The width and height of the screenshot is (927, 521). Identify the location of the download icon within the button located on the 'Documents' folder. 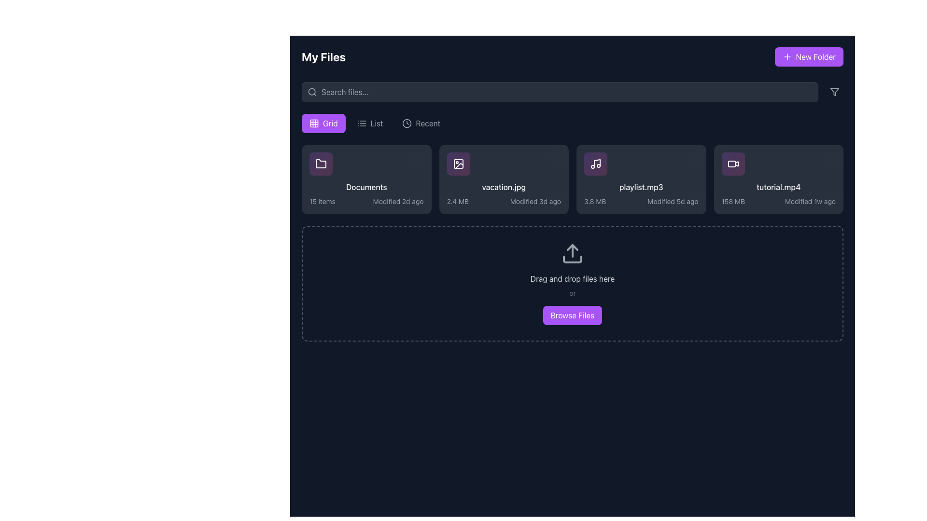
(343, 179).